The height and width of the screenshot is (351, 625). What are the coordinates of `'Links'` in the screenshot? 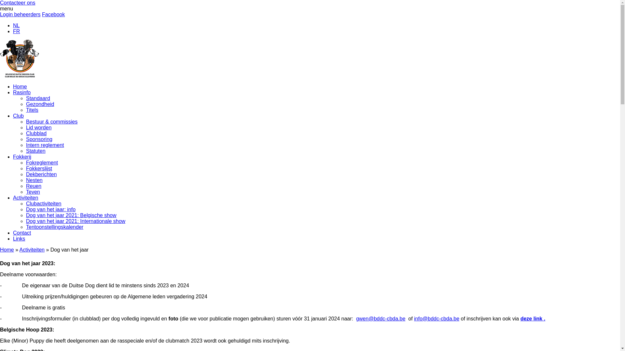 It's located at (19, 239).